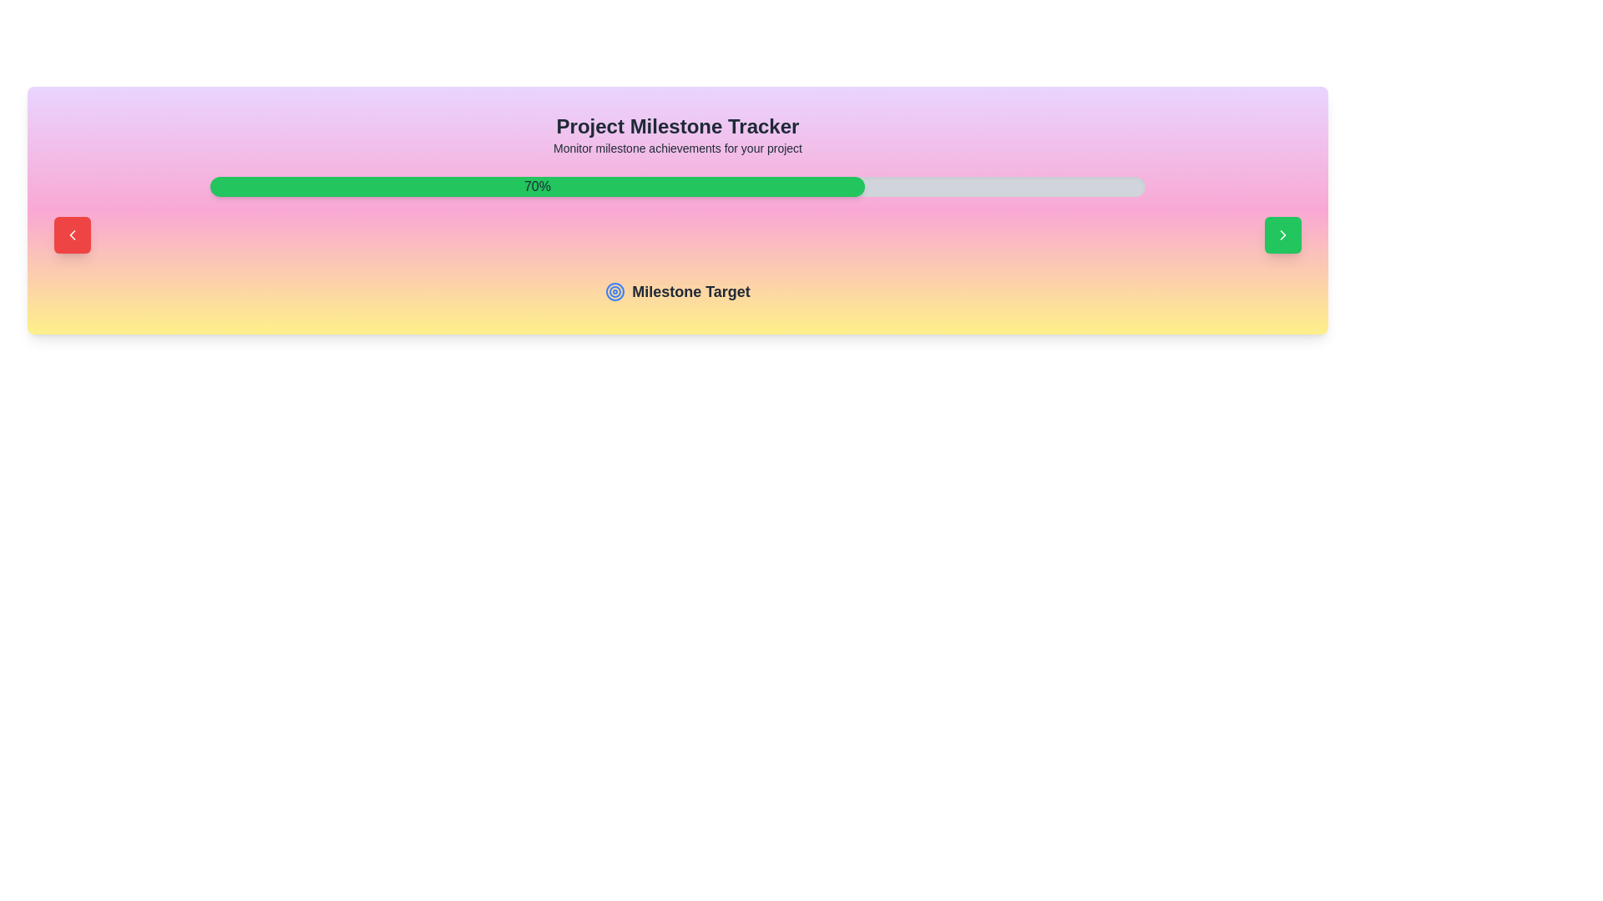  I want to click on the middle circle of the target-shaped SVG icon that represents the milestone's central target, located centrally below a progress bar and near the label 'Milestone Target', so click(614, 291).